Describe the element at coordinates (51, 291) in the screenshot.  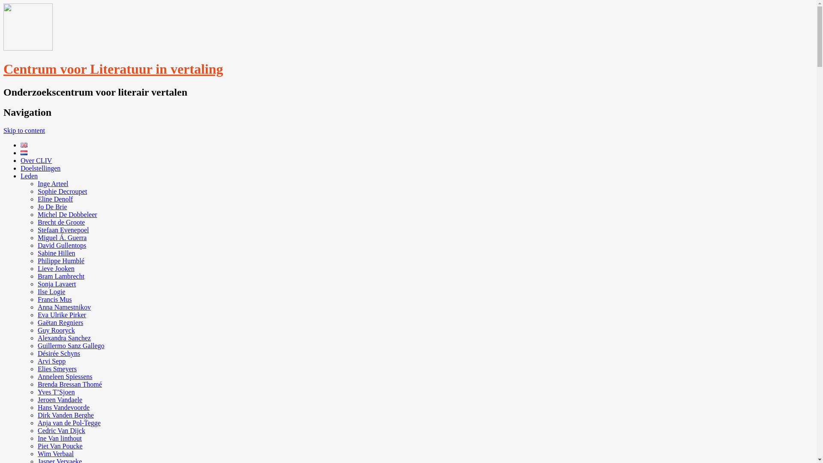
I see `'Ilse Logie'` at that location.